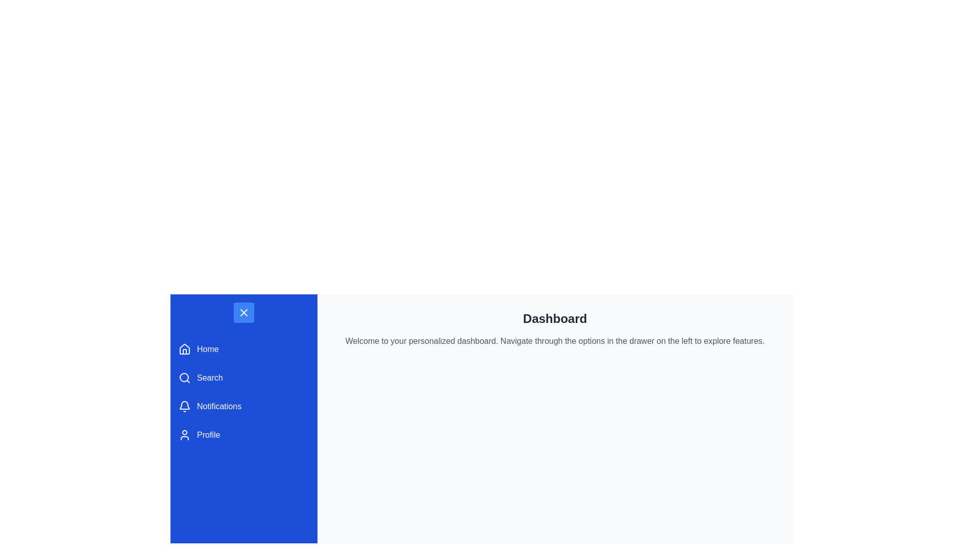 The image size is (980, 551). Describe the element at coordinates (243, 435) in the screenshot. I see `the 'Profile' button in the left sidebar` at that location.